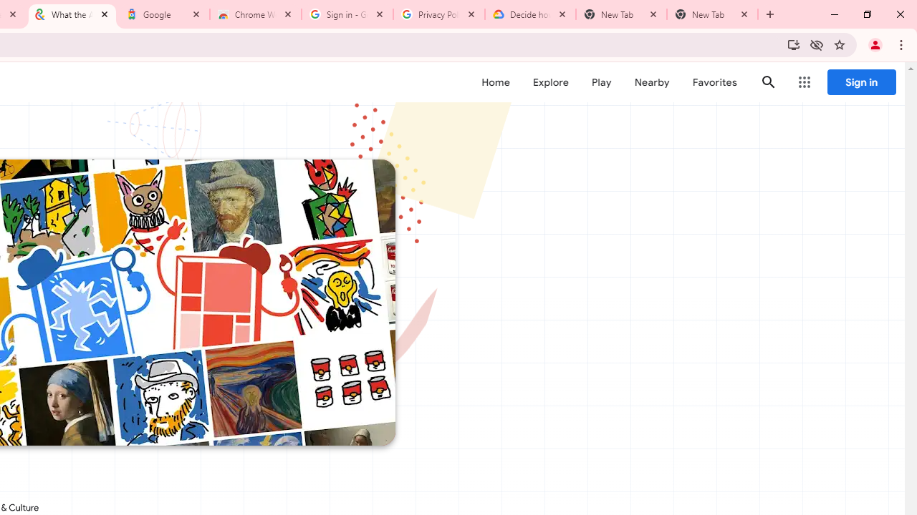  What do you see at coordinates (256, 14) in the screenshot?
I see `'Chrome Web Store - Color themes by Chrome'` at bounding box center [256, 14].